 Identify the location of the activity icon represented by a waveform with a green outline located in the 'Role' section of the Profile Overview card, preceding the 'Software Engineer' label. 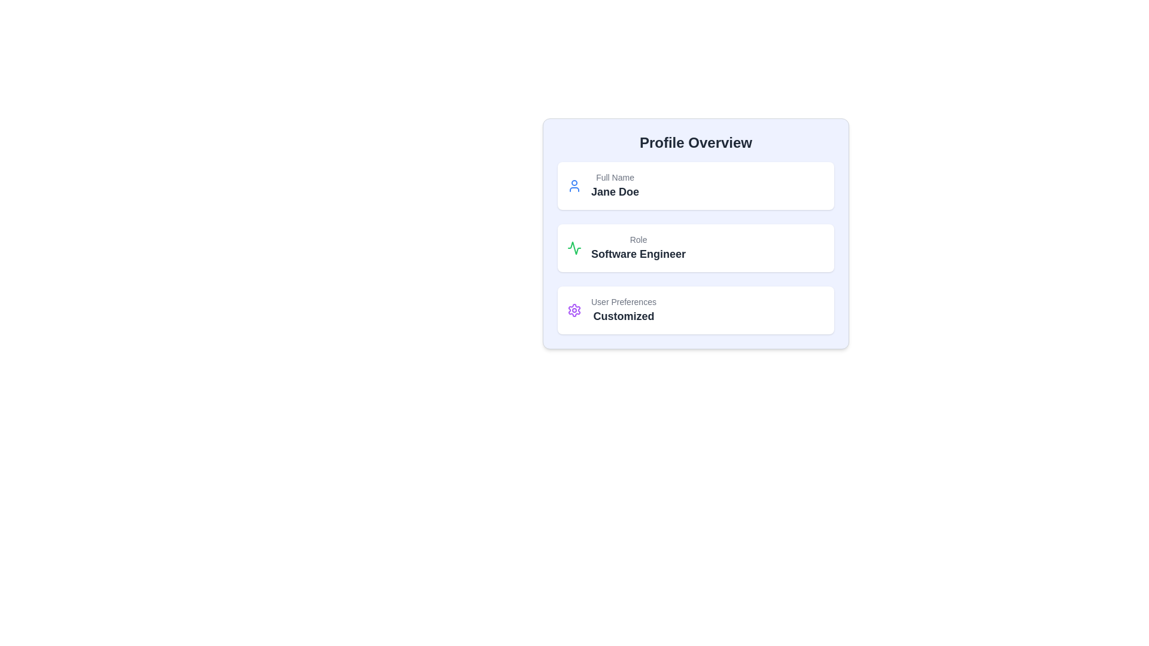
(574, 248).